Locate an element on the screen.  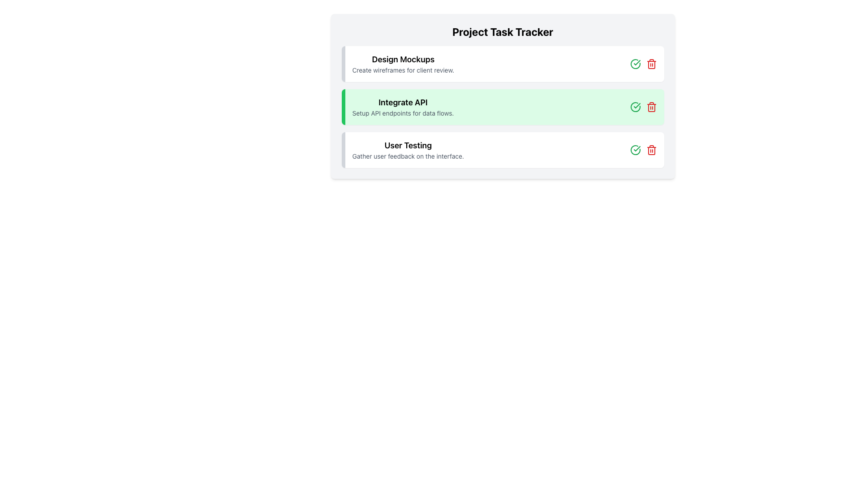
the delete button located to the right of the second task item 'Integrate API' in the task list is located at coordinates (651, 150).